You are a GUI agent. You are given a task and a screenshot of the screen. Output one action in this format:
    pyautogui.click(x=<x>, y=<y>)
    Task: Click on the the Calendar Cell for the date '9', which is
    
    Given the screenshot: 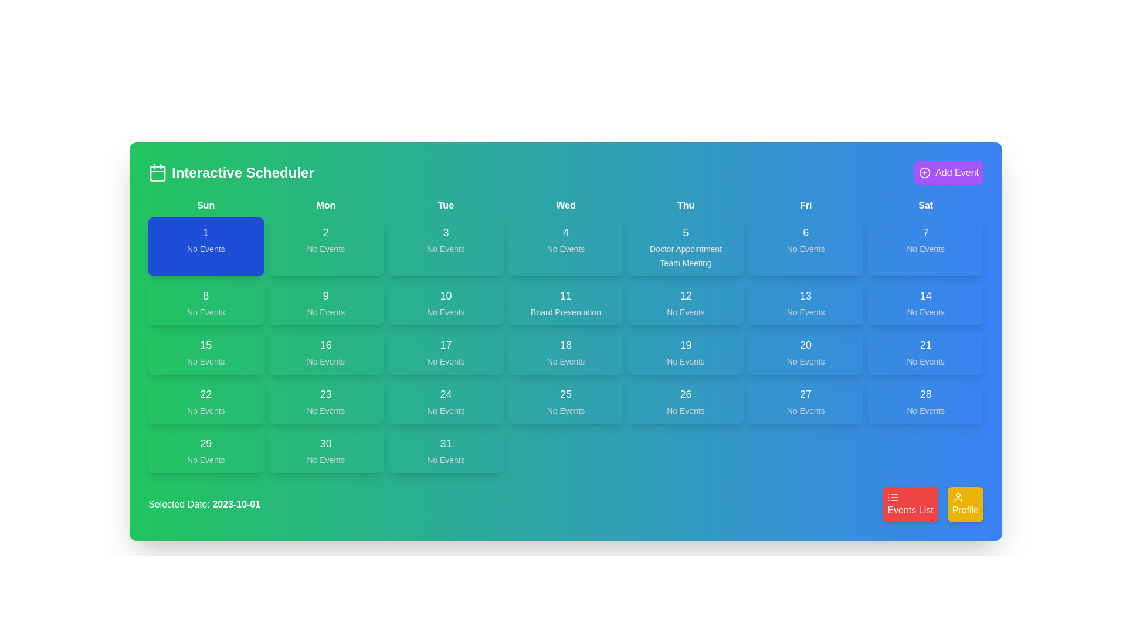 What is the action you would take?
    pyautogui.click(x=325, y=302)
    